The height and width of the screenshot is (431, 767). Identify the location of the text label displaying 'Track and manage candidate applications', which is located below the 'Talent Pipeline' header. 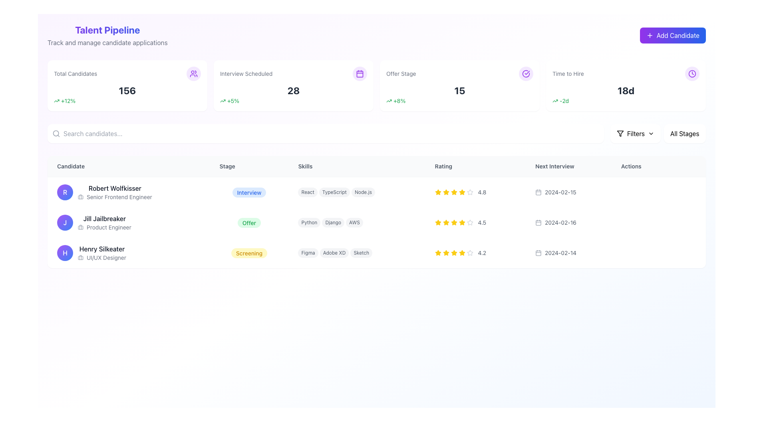
(107, 43).